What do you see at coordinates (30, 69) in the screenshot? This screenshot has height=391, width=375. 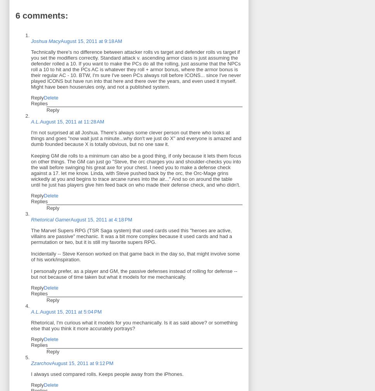 I see `'Technically there's no difference between attacker rolls vs target and defender rolls vs target if you set the modifiers correctly.  Standard attack v. ascending armor class is just assuming the defender rolled a 10.  If you want to make the PCs do all the rolling, just assume that the NPCs roll a 10 to hit and the PCs AC is whatever they roll + armor bonus, where the armor bonus is their regular AC - 10.  BTW, I'm sure I've seen PCs always roll before ICONS... since I've never played ICONS but have run into that here and there over the years, and even used it myself.  Might have been houserules only, and not a published system.'` at bounding box center [30, 69].